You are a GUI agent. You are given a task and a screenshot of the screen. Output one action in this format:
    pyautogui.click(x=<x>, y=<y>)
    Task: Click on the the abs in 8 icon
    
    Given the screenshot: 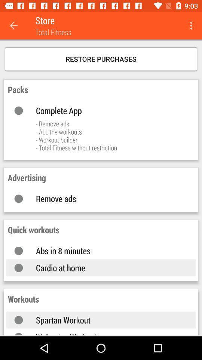 What is the action you would take?
    pyautogui.click(x=108, y=250)
    